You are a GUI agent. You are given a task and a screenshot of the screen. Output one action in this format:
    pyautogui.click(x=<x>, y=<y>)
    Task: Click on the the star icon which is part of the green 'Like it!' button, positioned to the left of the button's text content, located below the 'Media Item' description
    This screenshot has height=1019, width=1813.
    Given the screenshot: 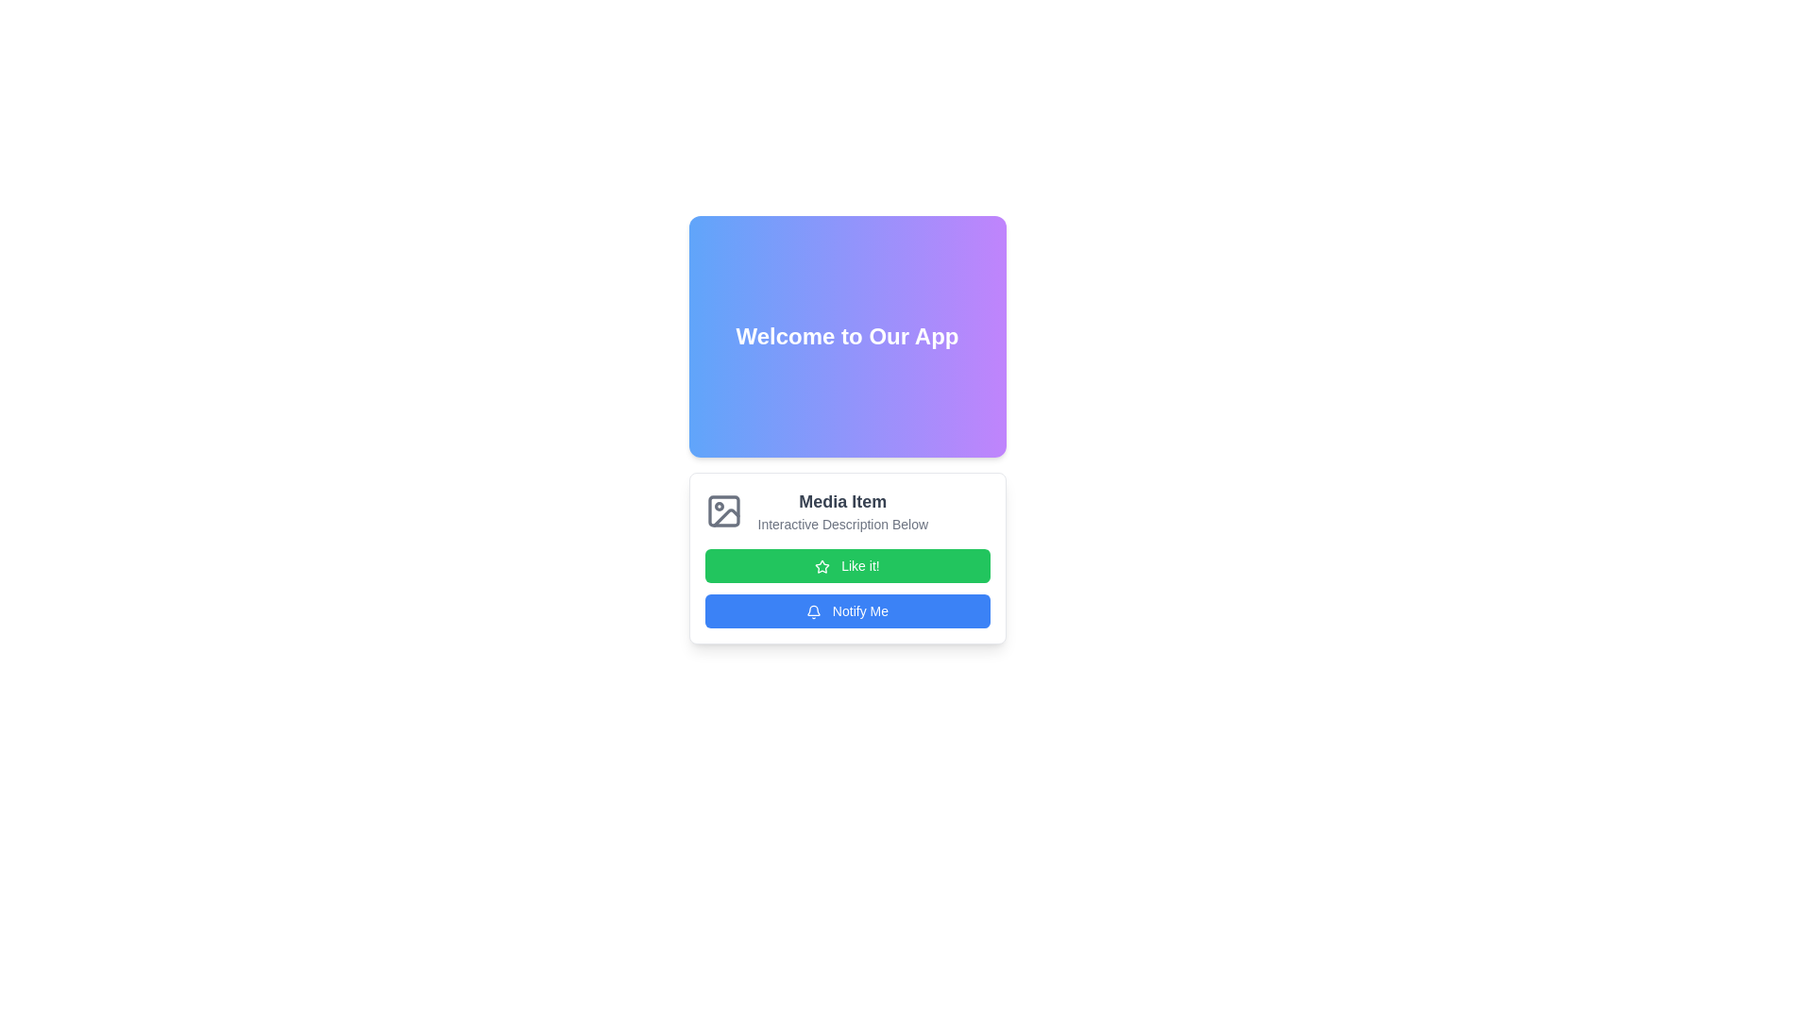 What is the action you would take?
    pyautogui.click(x=822, y=566)
    